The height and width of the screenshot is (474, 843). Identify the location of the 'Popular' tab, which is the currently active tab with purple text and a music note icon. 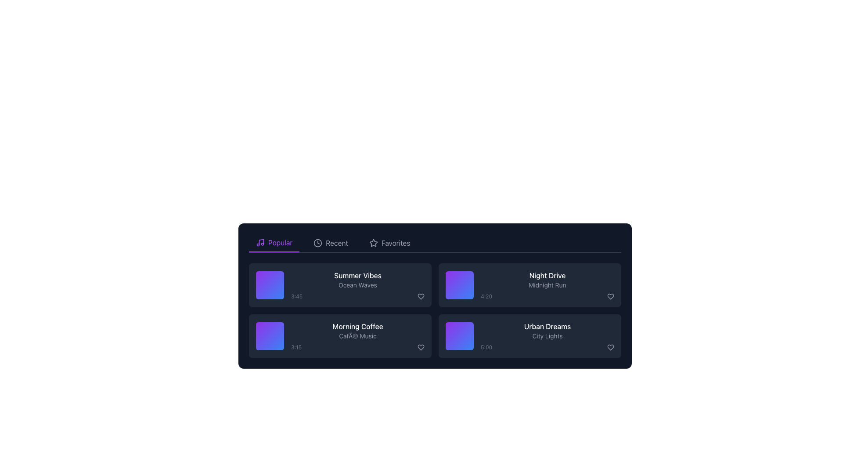
(274, 243).